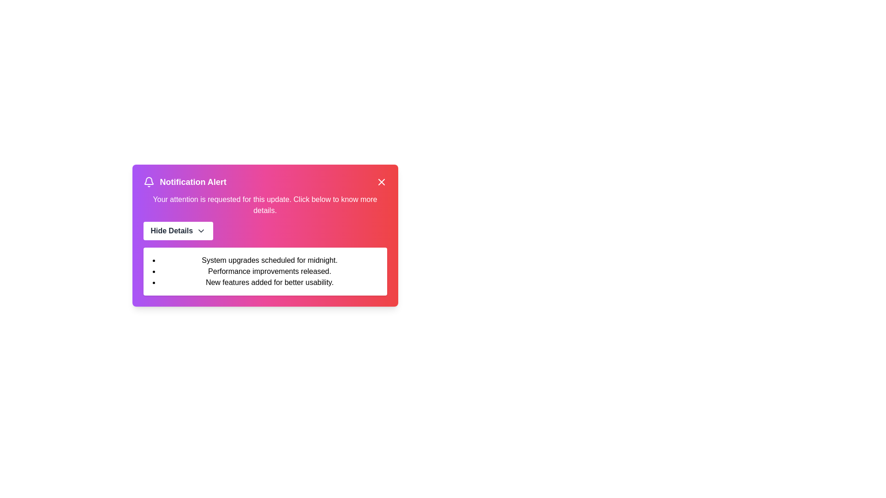 This screenshot has height=498, width=886. I want to click on the 'X' button to close the notification, so click(381, 182).